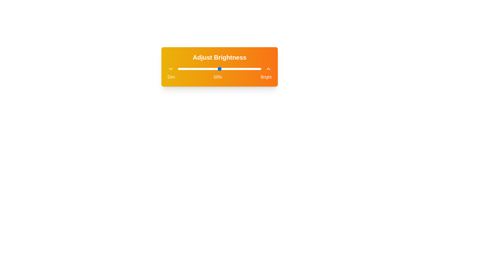 The height and width of the screenshot is (280, 499). I want to click on the horizontal slider track in the 'Adjust Brightness' panel to move the slider, which currently indicates a 50% value adjustment, so click(219, 69).